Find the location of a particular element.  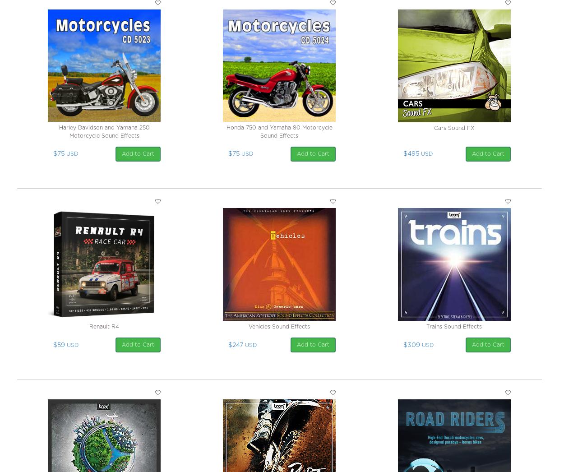

'$495' is located at coordinates (411, 153).